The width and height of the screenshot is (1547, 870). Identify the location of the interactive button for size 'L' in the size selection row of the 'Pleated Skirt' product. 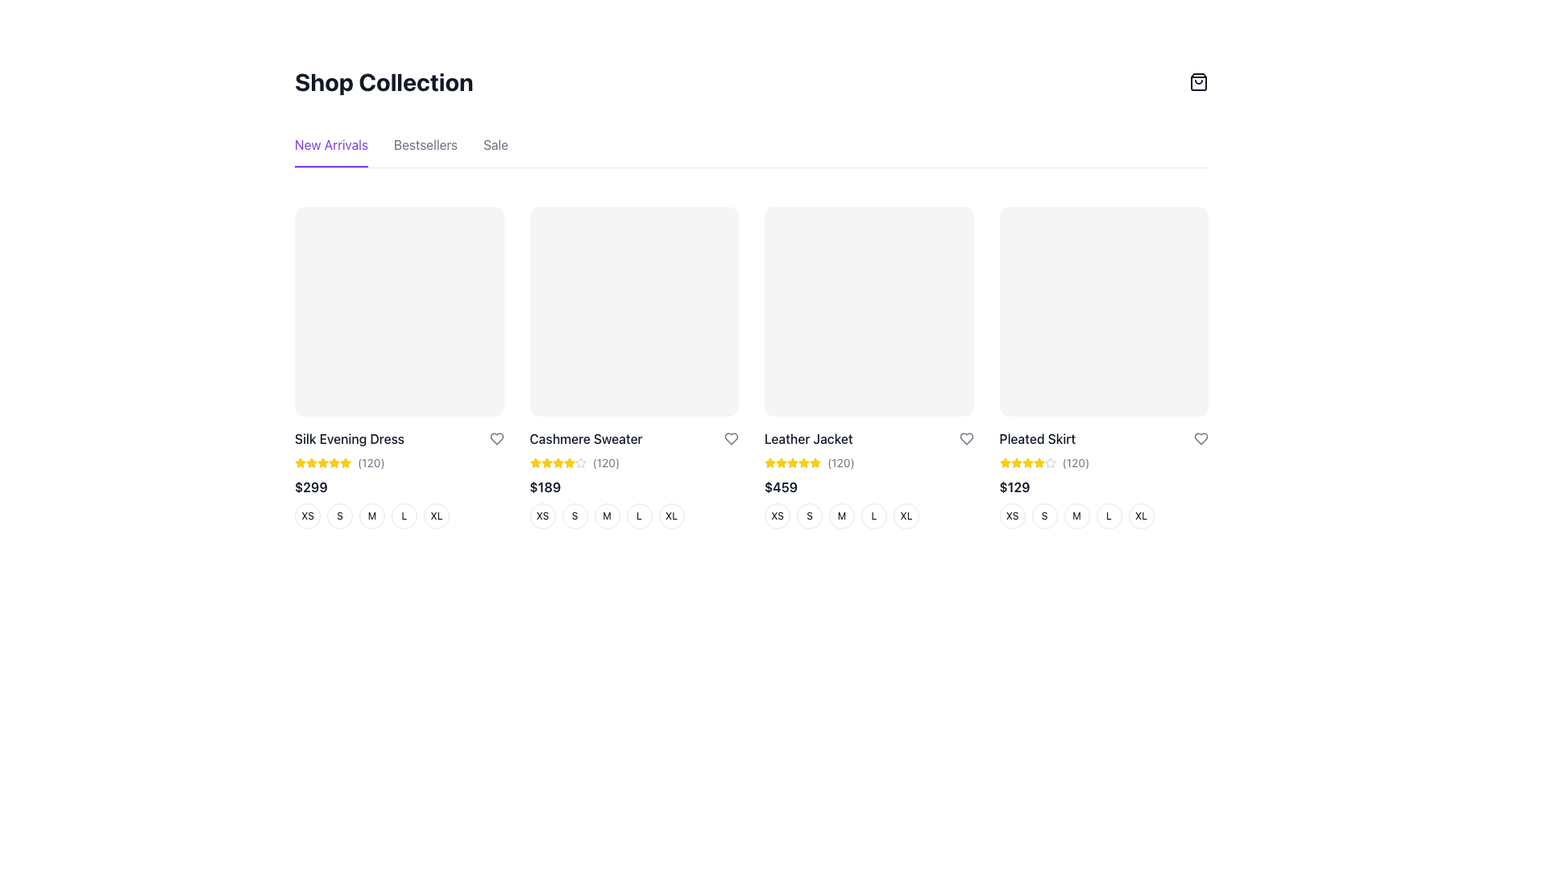
(1103, 516).